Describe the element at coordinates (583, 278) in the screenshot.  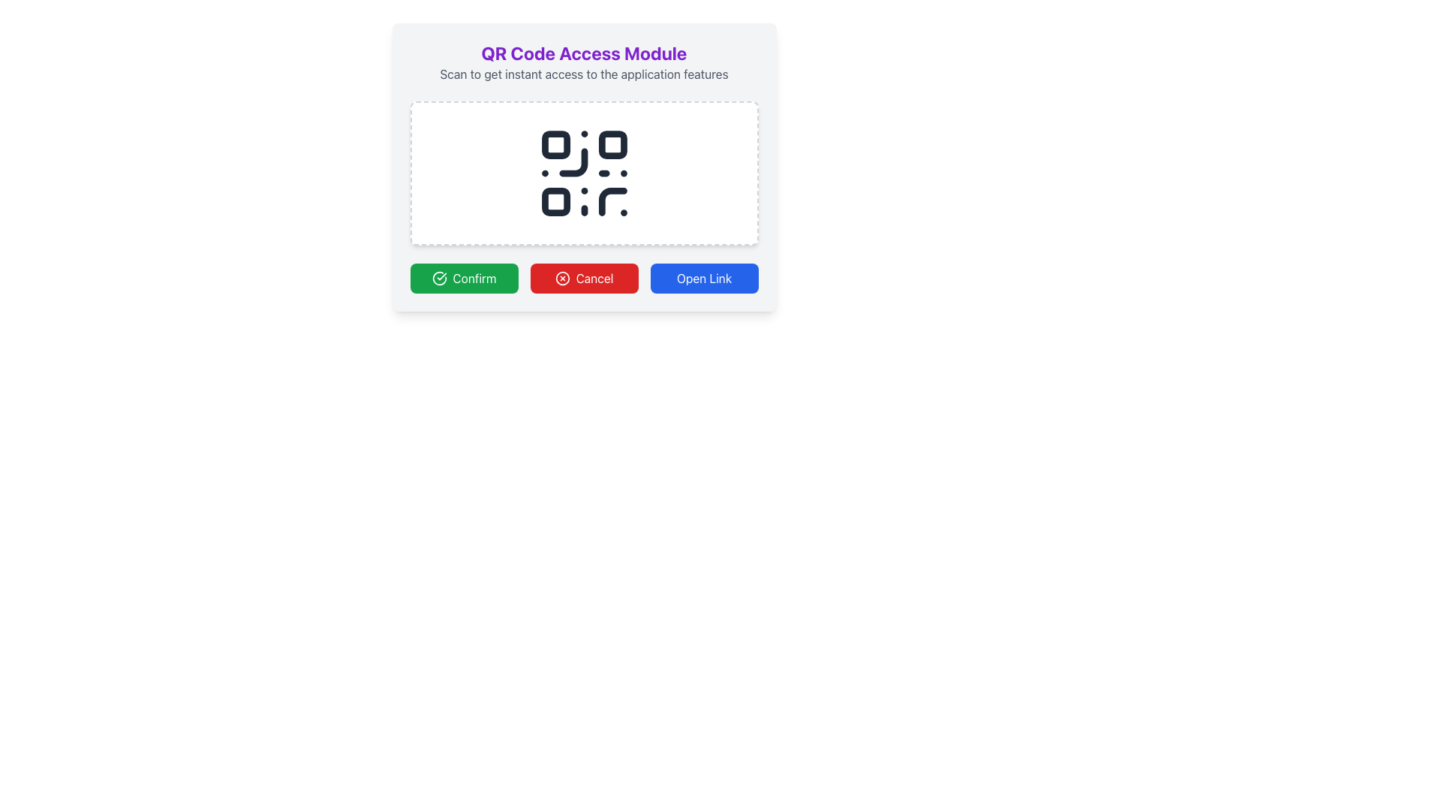
I see `the cancel button located at the bottom center of the modal interface, positioned between the green 'Confirm' button and the blue 'Open Link' button` at that location.